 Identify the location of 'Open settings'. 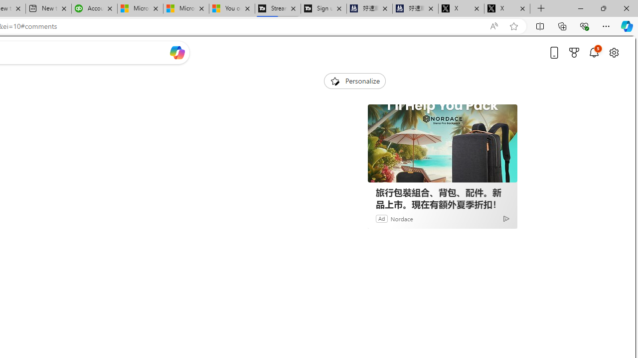
(614, 52).